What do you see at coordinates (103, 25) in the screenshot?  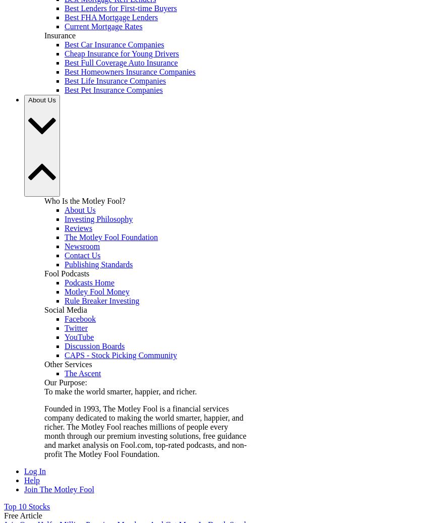 I see `'Current Mortgage Rates'` at bounding box center [103, 25].